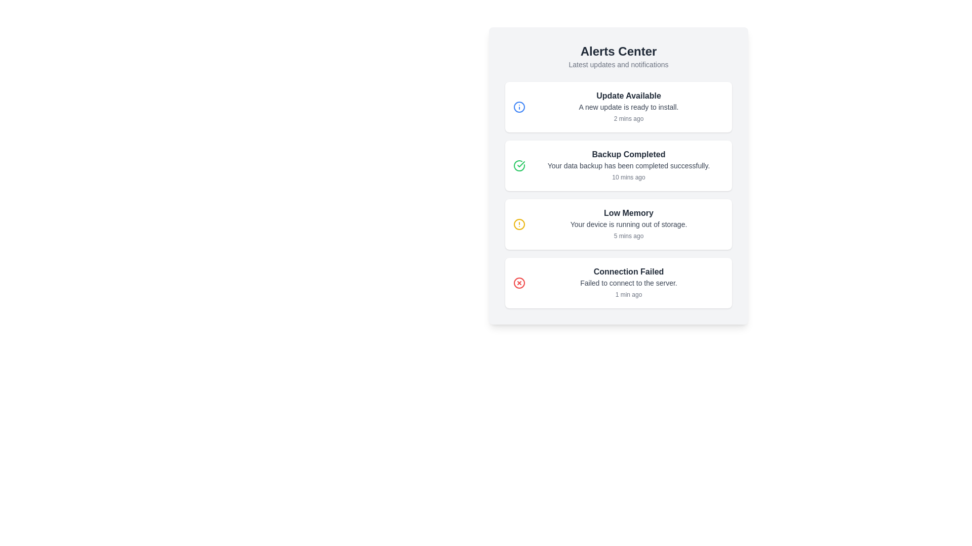  I want to click on detailed information provided in the text description located within the fourth notification card, below the heading 'Connection Failed' and above the timestamp '1 min ago', so click(628, 283).